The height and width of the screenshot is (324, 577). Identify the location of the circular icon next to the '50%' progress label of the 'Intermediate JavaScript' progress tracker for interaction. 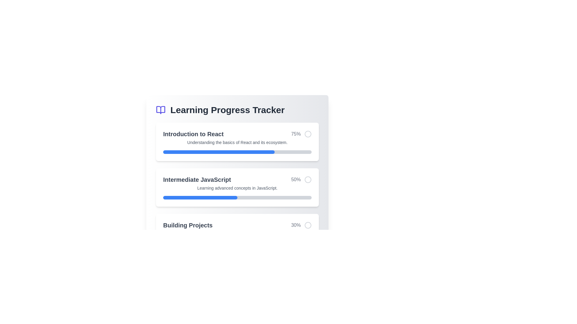
(301, 179).